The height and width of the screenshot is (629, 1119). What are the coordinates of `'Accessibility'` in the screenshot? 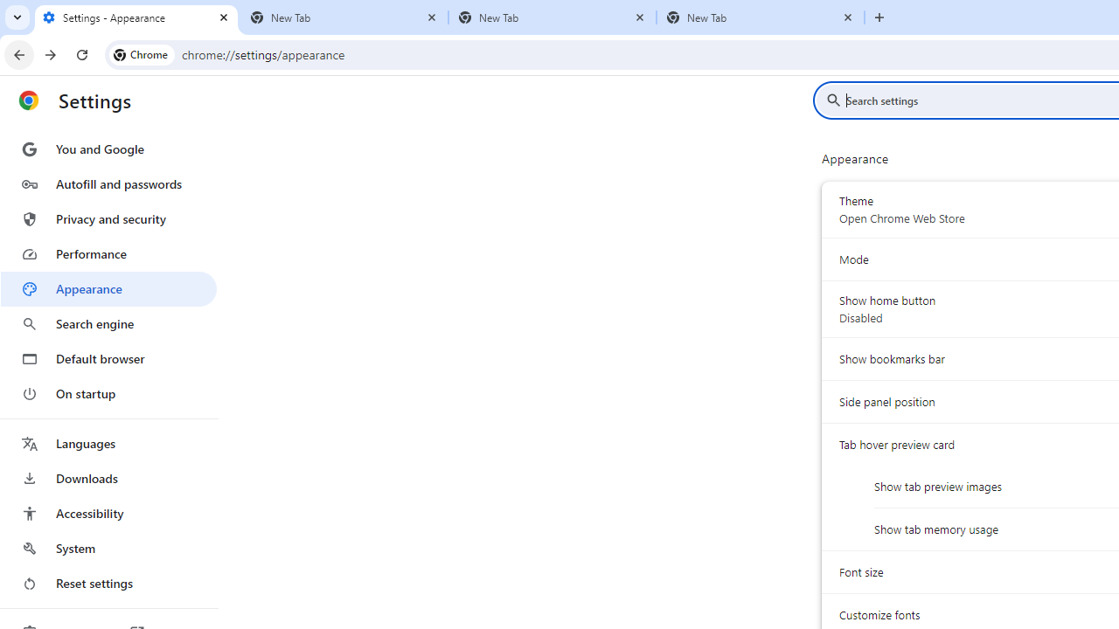 It's located at (108, 512).